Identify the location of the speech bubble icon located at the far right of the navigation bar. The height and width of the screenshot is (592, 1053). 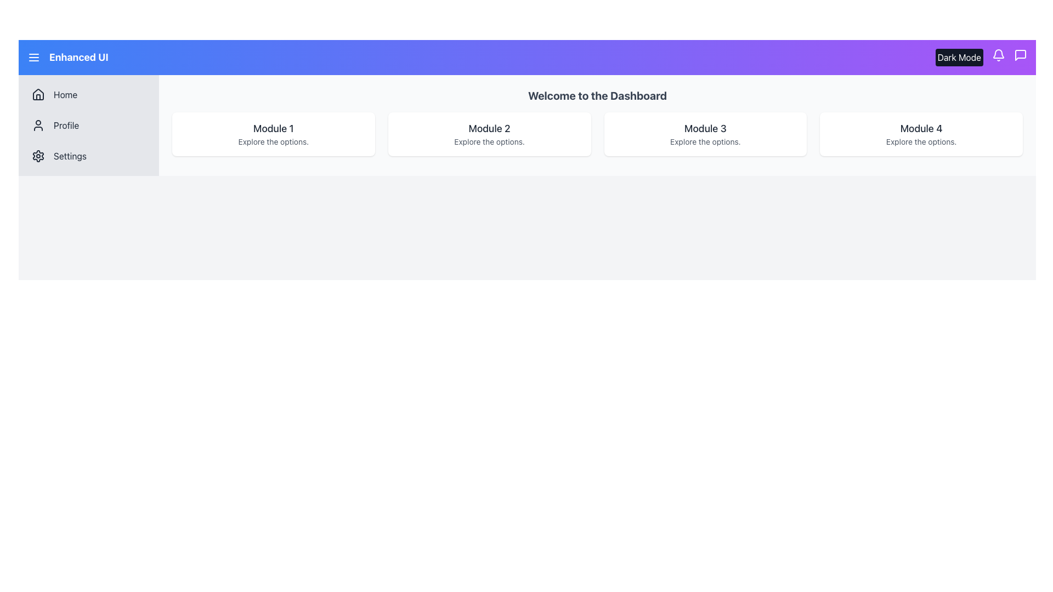
(1020, 55).